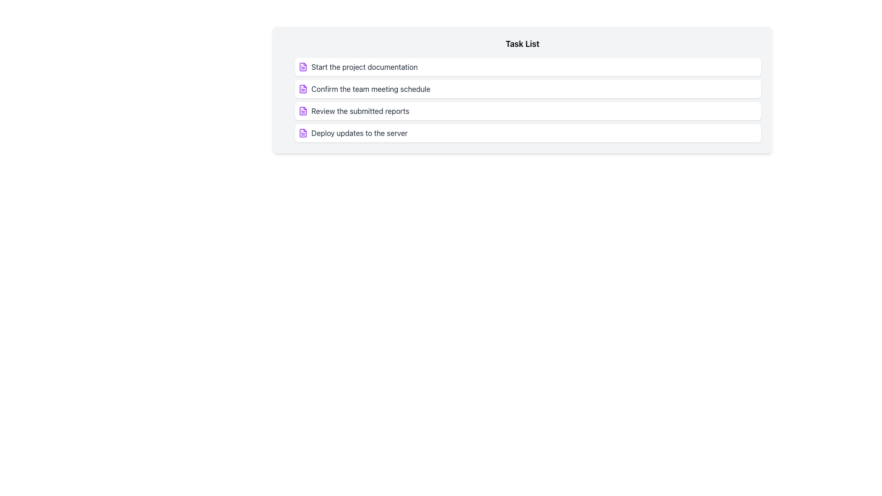 Image resolution: width=882 pixels, height=496 pixels. What do you see at coordinates (360, 111) in the screenshot?
I see `text content of the task title displayed in the third item of the vertically aligned task list, which provides information about reviewing submitted reports` at bounding box center [360, 111].